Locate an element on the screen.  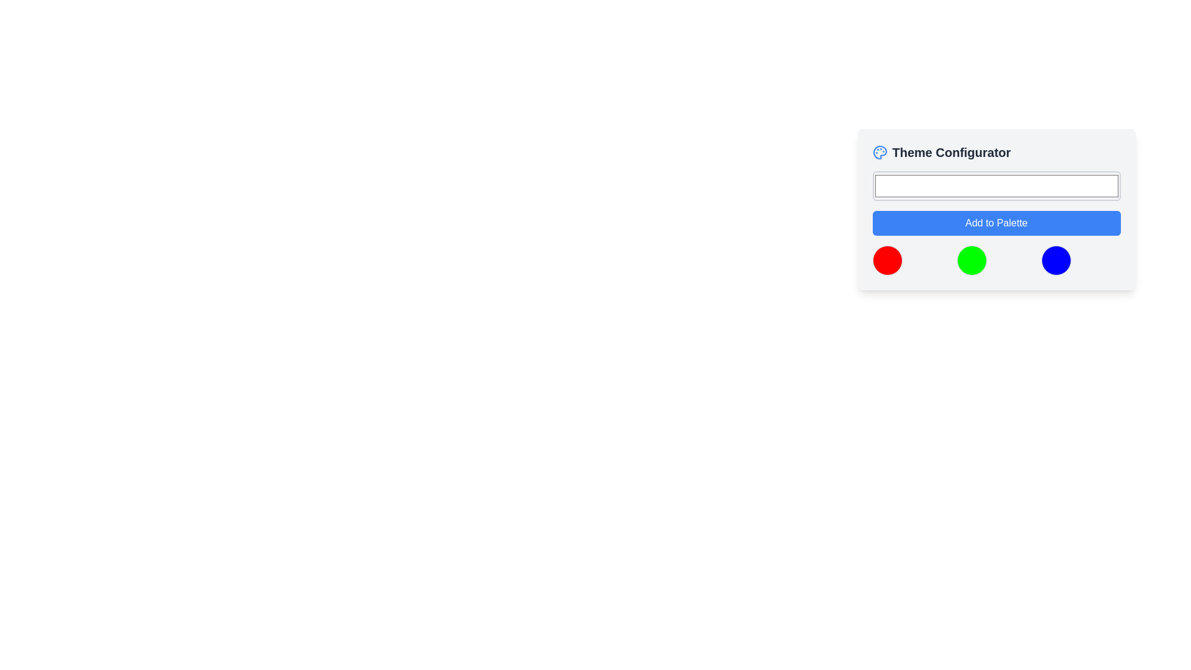
the painter's palette icon with a blue outline and paint circles, located to the left of the 'Theme Configurator' text is located at coordinates (879, 152).